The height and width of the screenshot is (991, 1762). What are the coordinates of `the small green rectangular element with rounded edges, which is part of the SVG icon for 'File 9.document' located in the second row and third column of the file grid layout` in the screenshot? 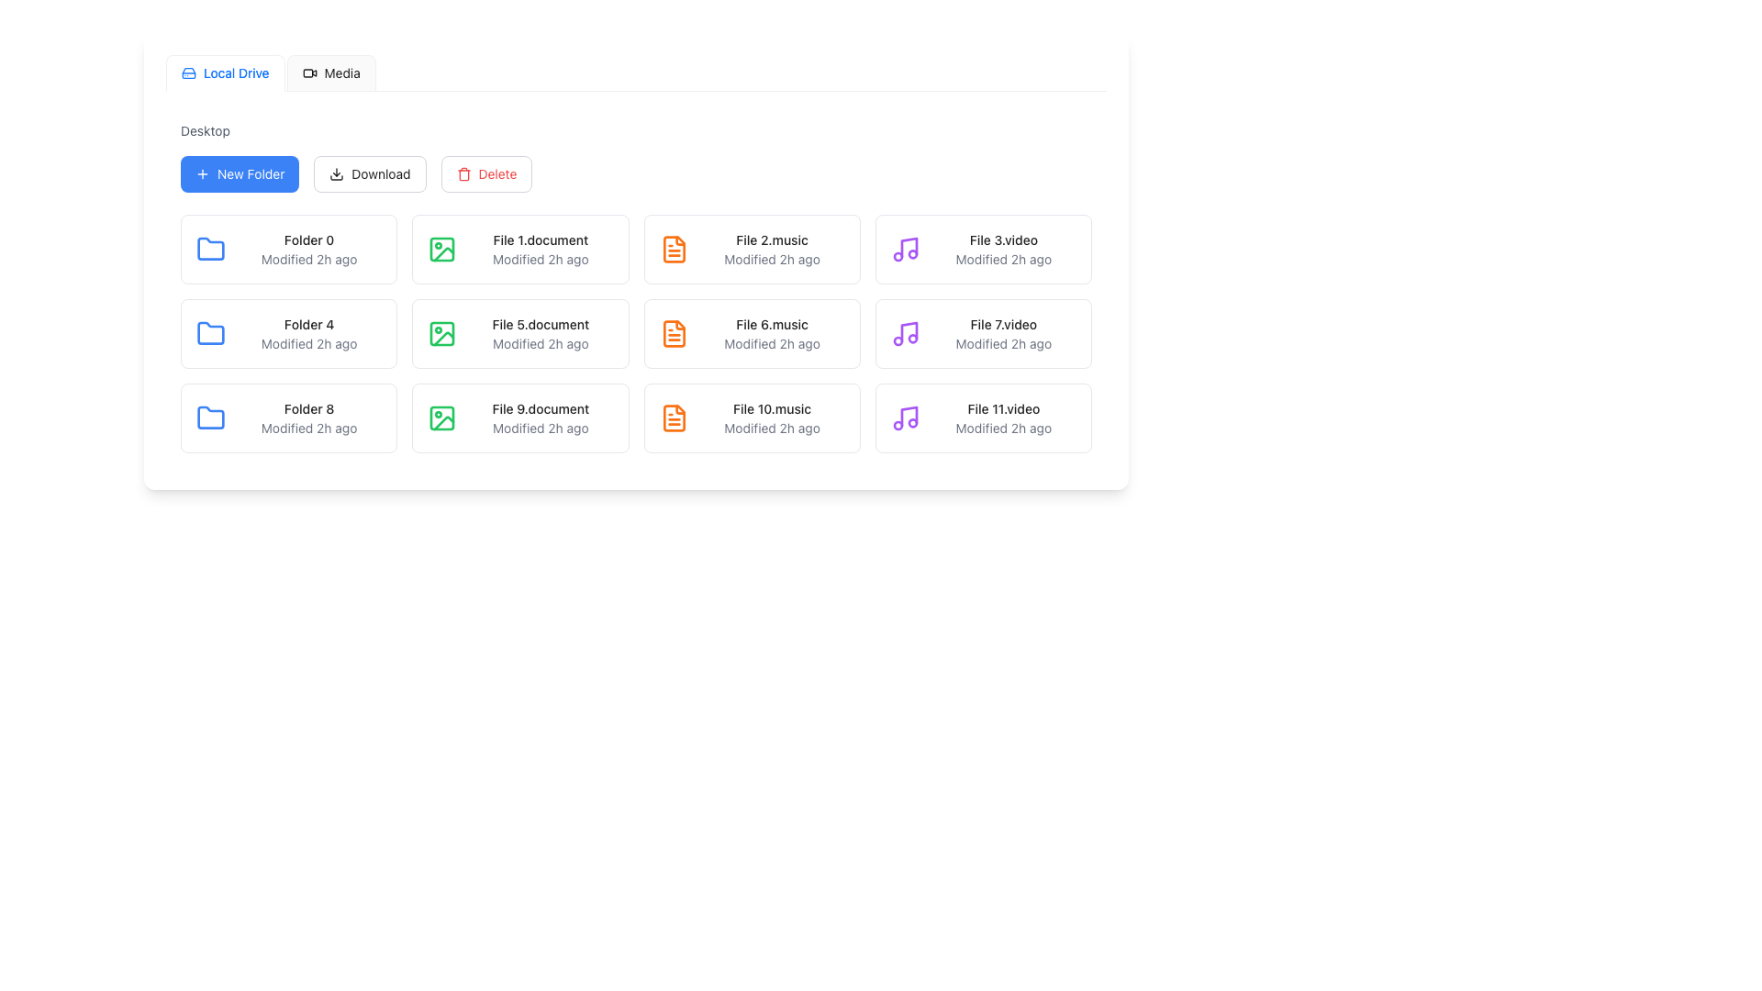 It's located at (442, 418).